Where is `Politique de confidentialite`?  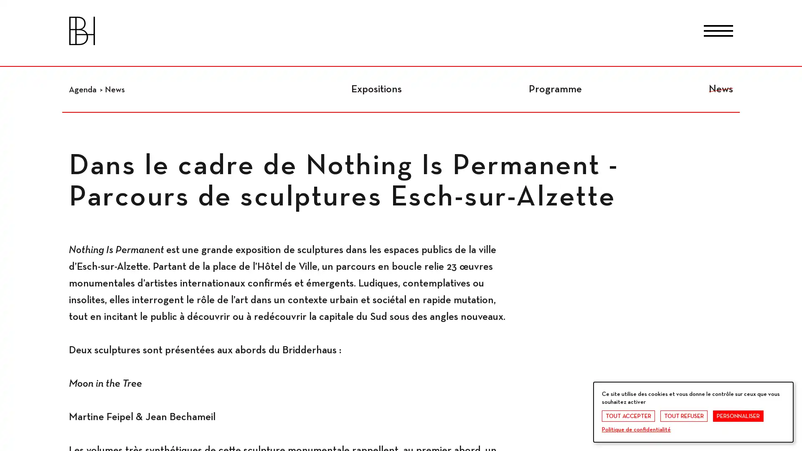
Politique de confidentialite is located at coordinates (636, 430).